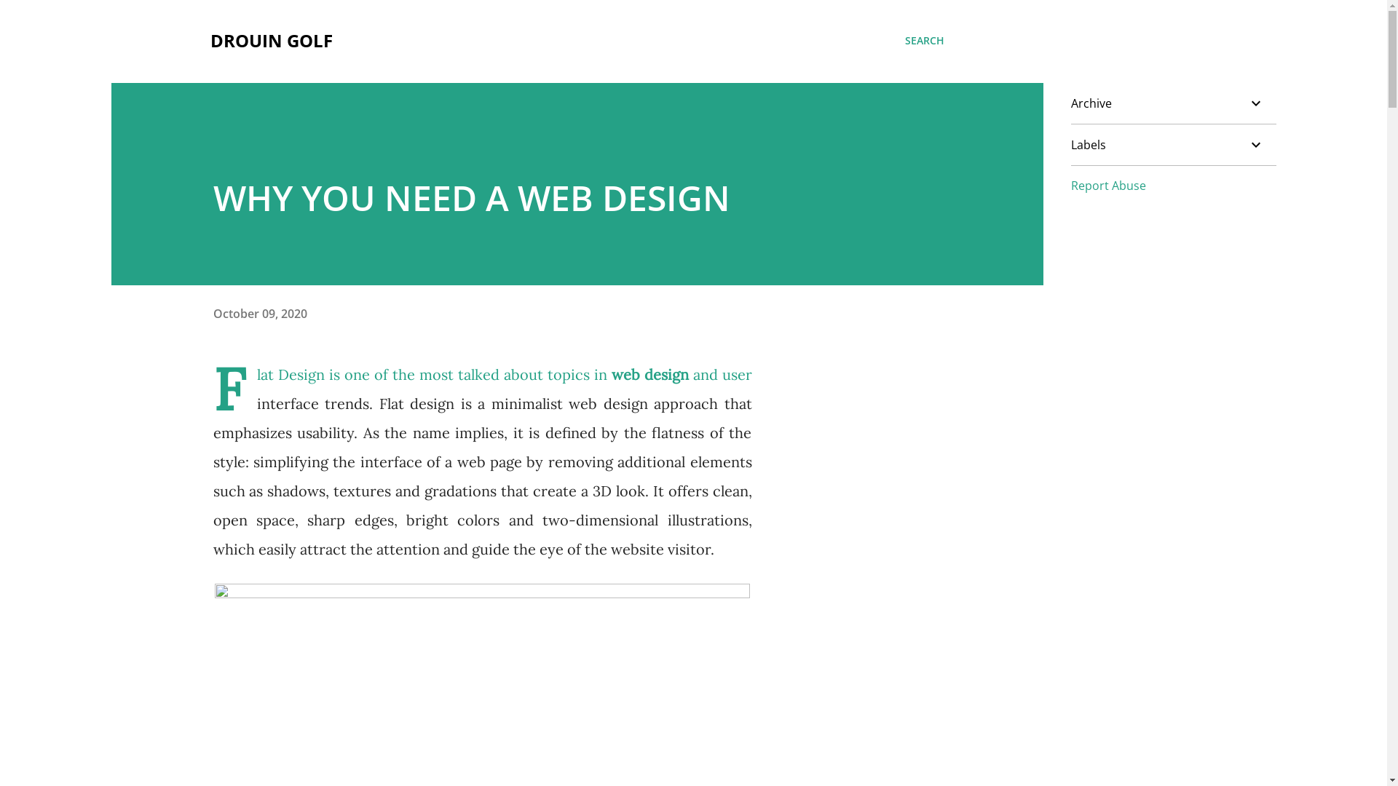 The width and height of the screenshot is (1398, 786). Describe the element at coordinates (259, 313) in the screenshot. I see `'October 09, 2020'` at that location.